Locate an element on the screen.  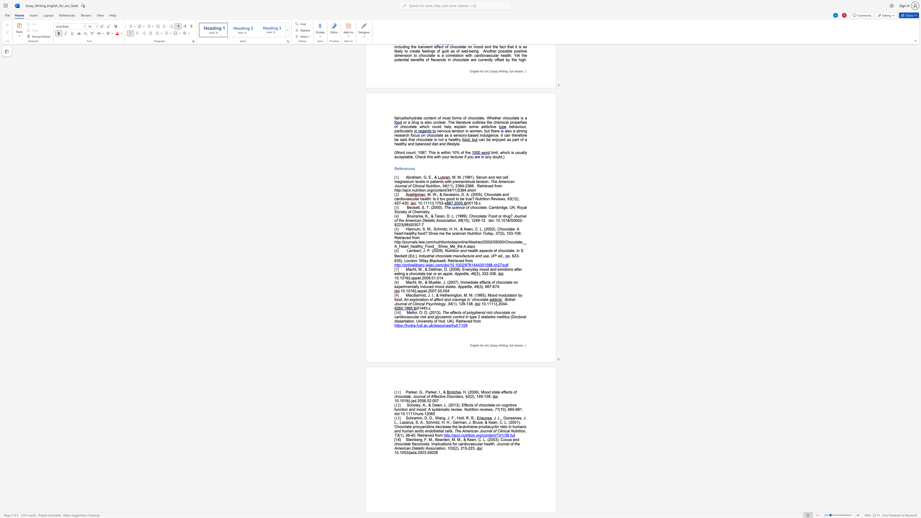
the subset text "0028" within the text "10.1053/jada.2003.50028" is located at coordinates (429, 452).